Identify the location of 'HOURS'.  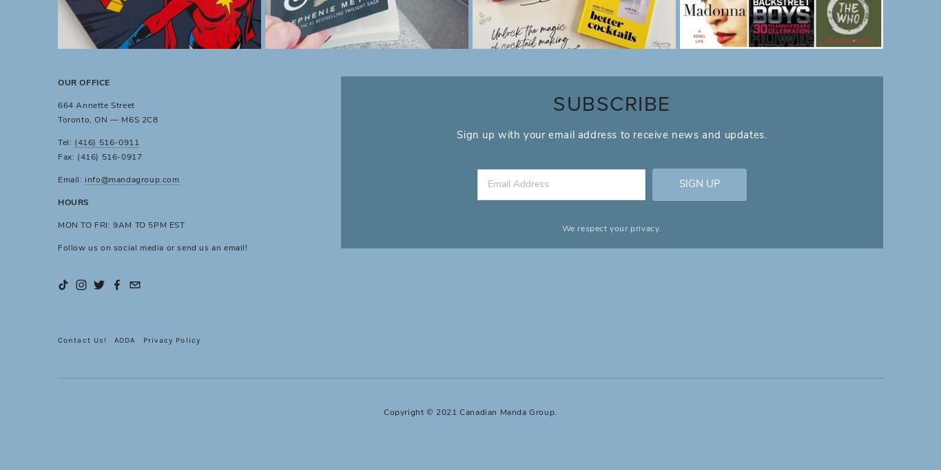
(73, 202).